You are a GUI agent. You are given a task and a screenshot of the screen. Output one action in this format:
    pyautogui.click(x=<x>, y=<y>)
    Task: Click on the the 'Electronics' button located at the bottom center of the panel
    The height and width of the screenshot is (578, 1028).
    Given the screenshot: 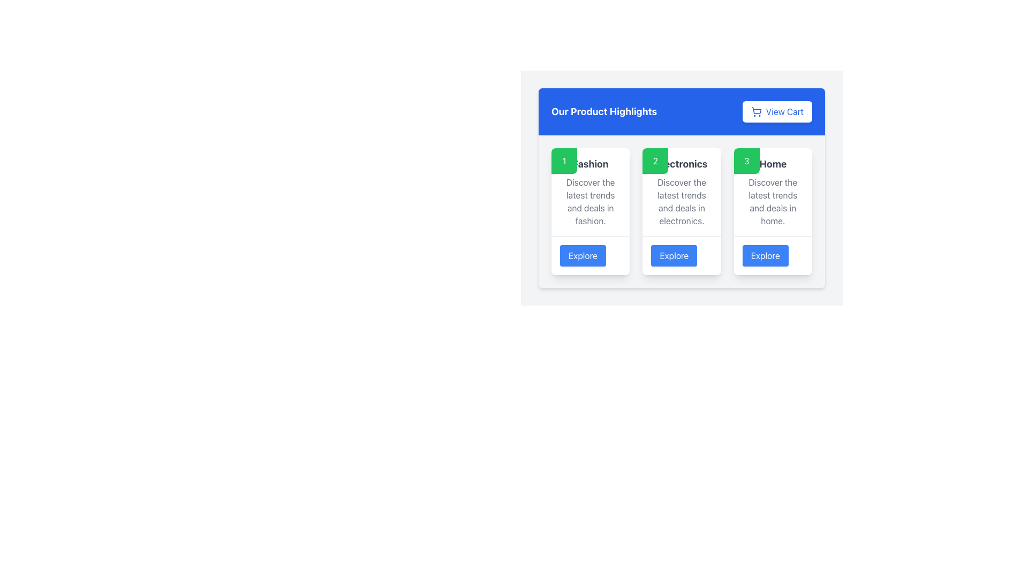 What is the action you would take?
    pyautogui.click(x=674, y=256)
    